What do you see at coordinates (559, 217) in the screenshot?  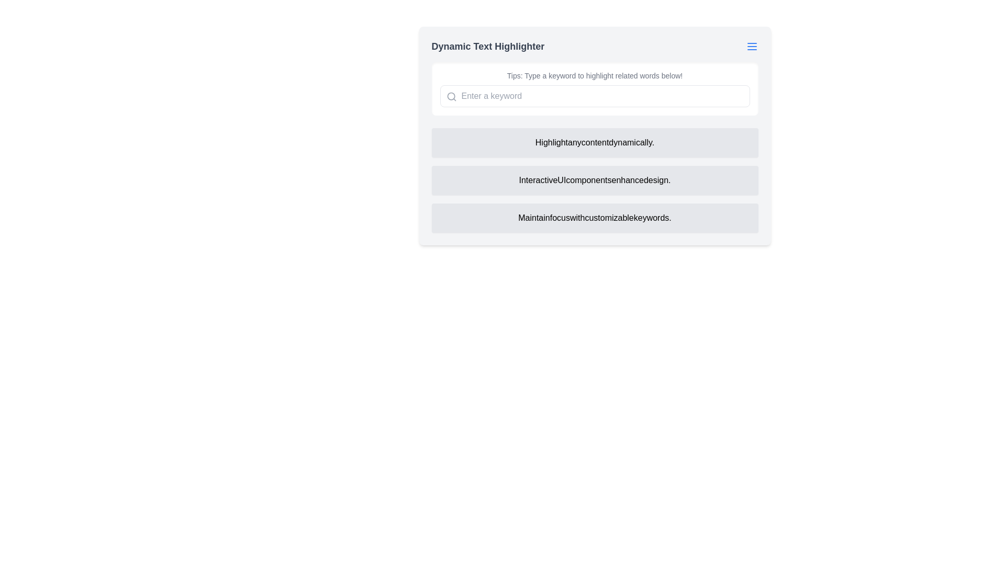 I see `the static text element 'with' in the phrase 'Maintain focus with customizable keywords' located in the third gray callout box` at bounding box center [559, 217].